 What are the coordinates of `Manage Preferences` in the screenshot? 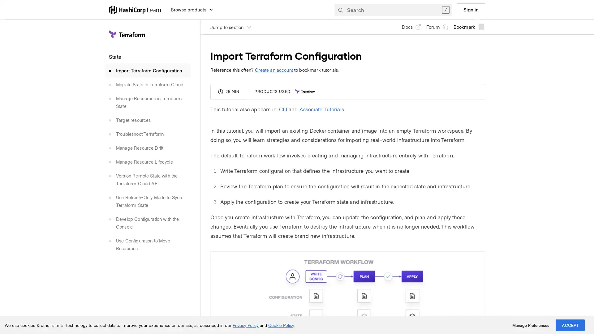 It's located at (530, 325).